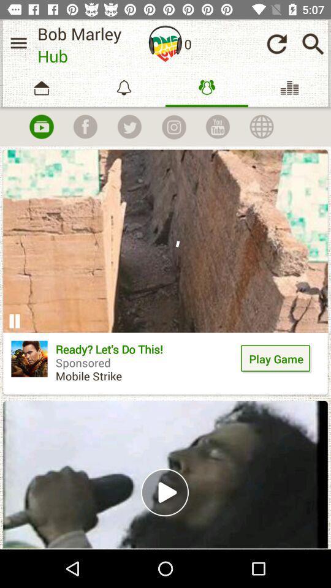 The width and height of the screenshot is (331, 588). What do you see at coordinates (217, 126) in the screenshot?
I see `the icon right of instagram icon` at bounding box center [217, 126].